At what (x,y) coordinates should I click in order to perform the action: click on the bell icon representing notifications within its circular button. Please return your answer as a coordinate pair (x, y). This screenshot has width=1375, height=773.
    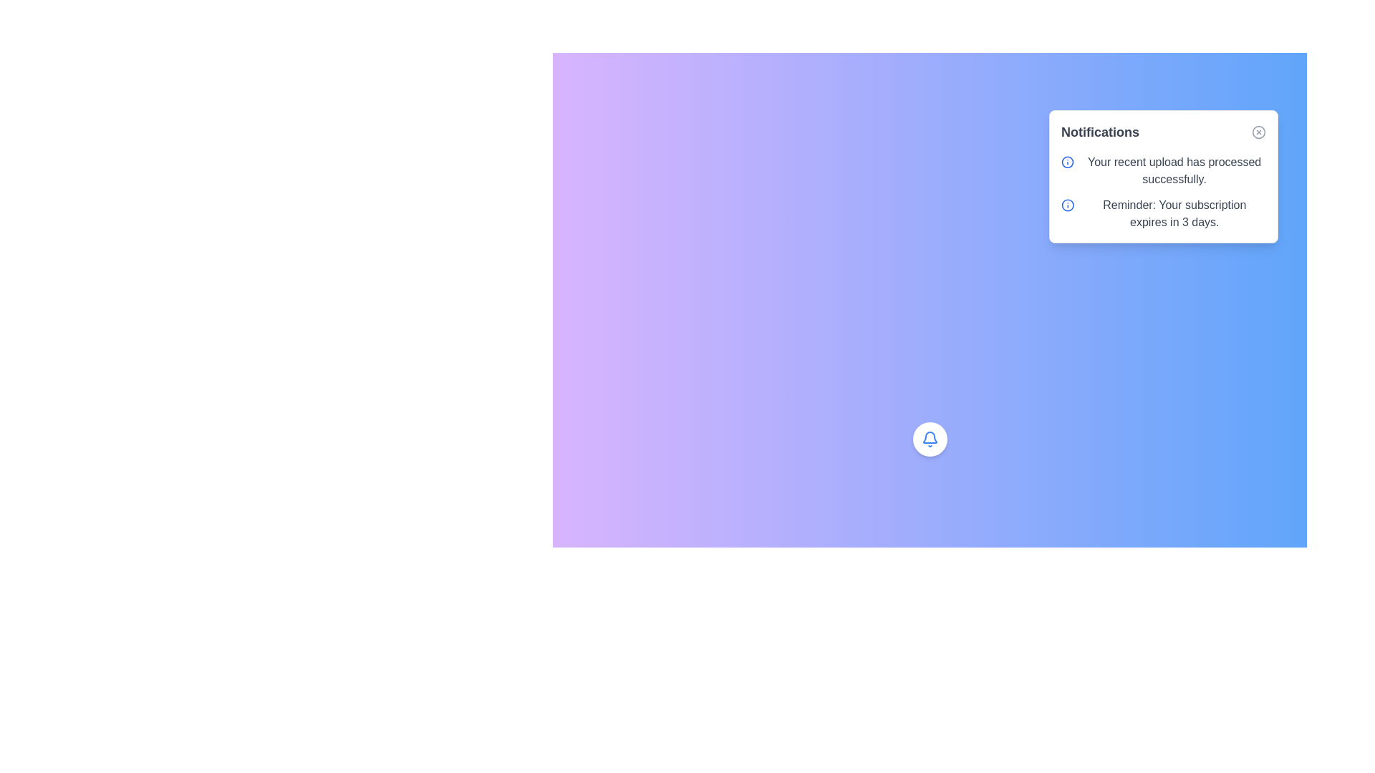
    Looking at the image, I should click on (930, 438).